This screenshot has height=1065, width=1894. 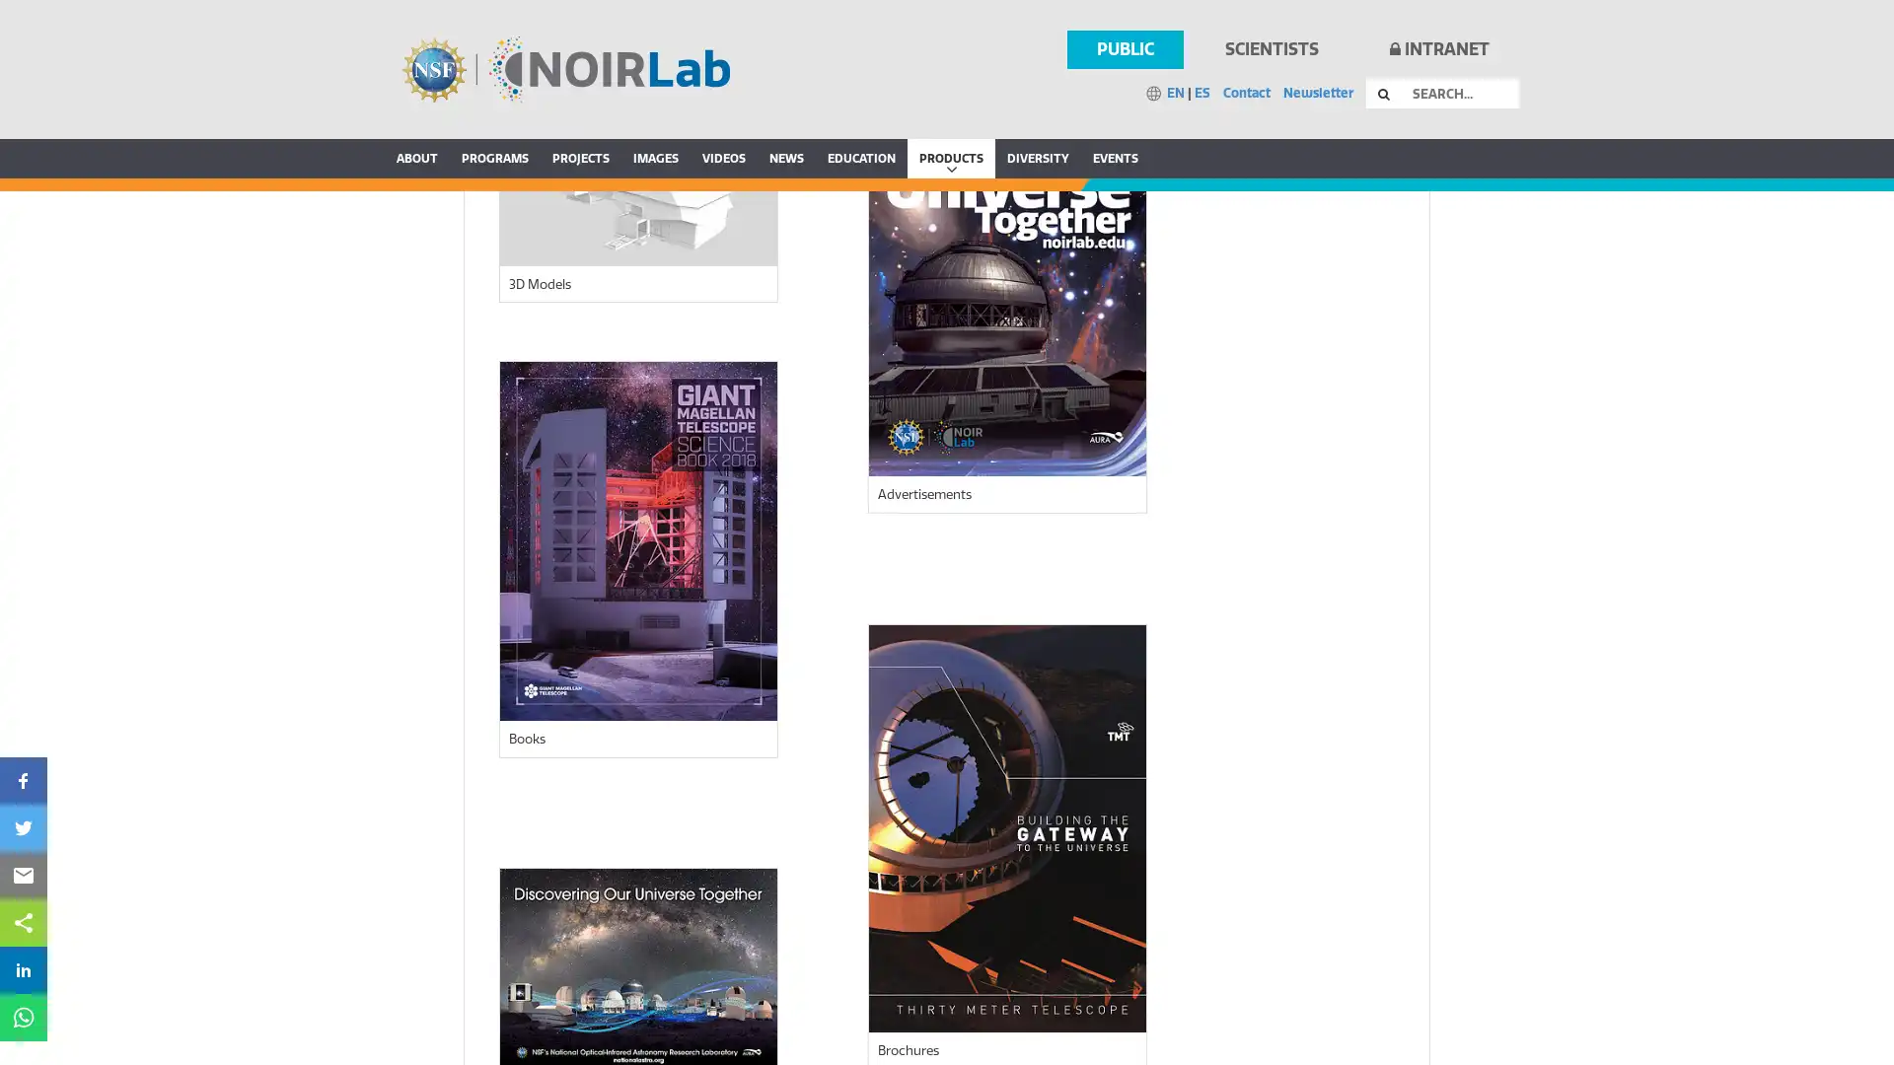 I want to click on INTRANET, so click(x=1438, y=48).